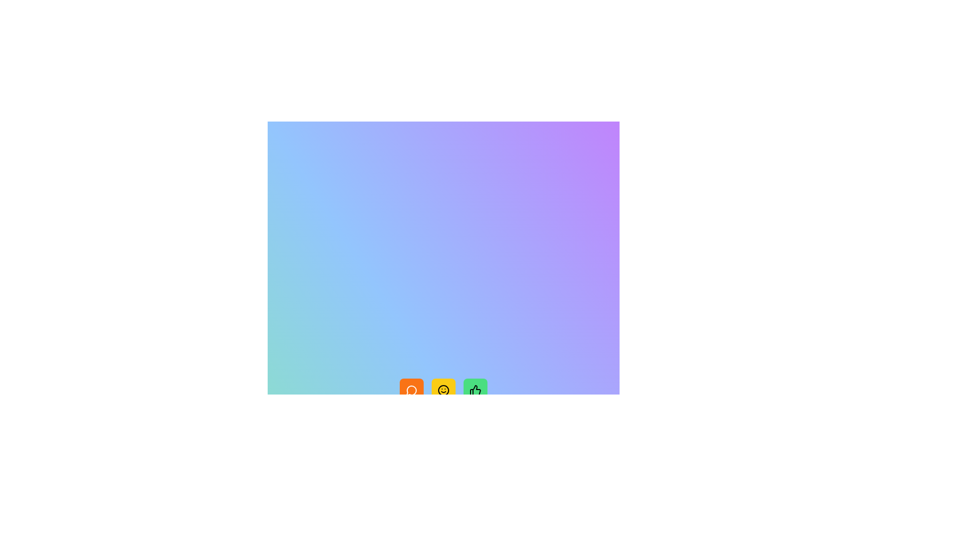  Describe the element at coordinates (475, 390) in the screenshot. I see `the thumbs-up icon drawn in line style enclosed in a green rounded square for keyboard interaction` at that location.